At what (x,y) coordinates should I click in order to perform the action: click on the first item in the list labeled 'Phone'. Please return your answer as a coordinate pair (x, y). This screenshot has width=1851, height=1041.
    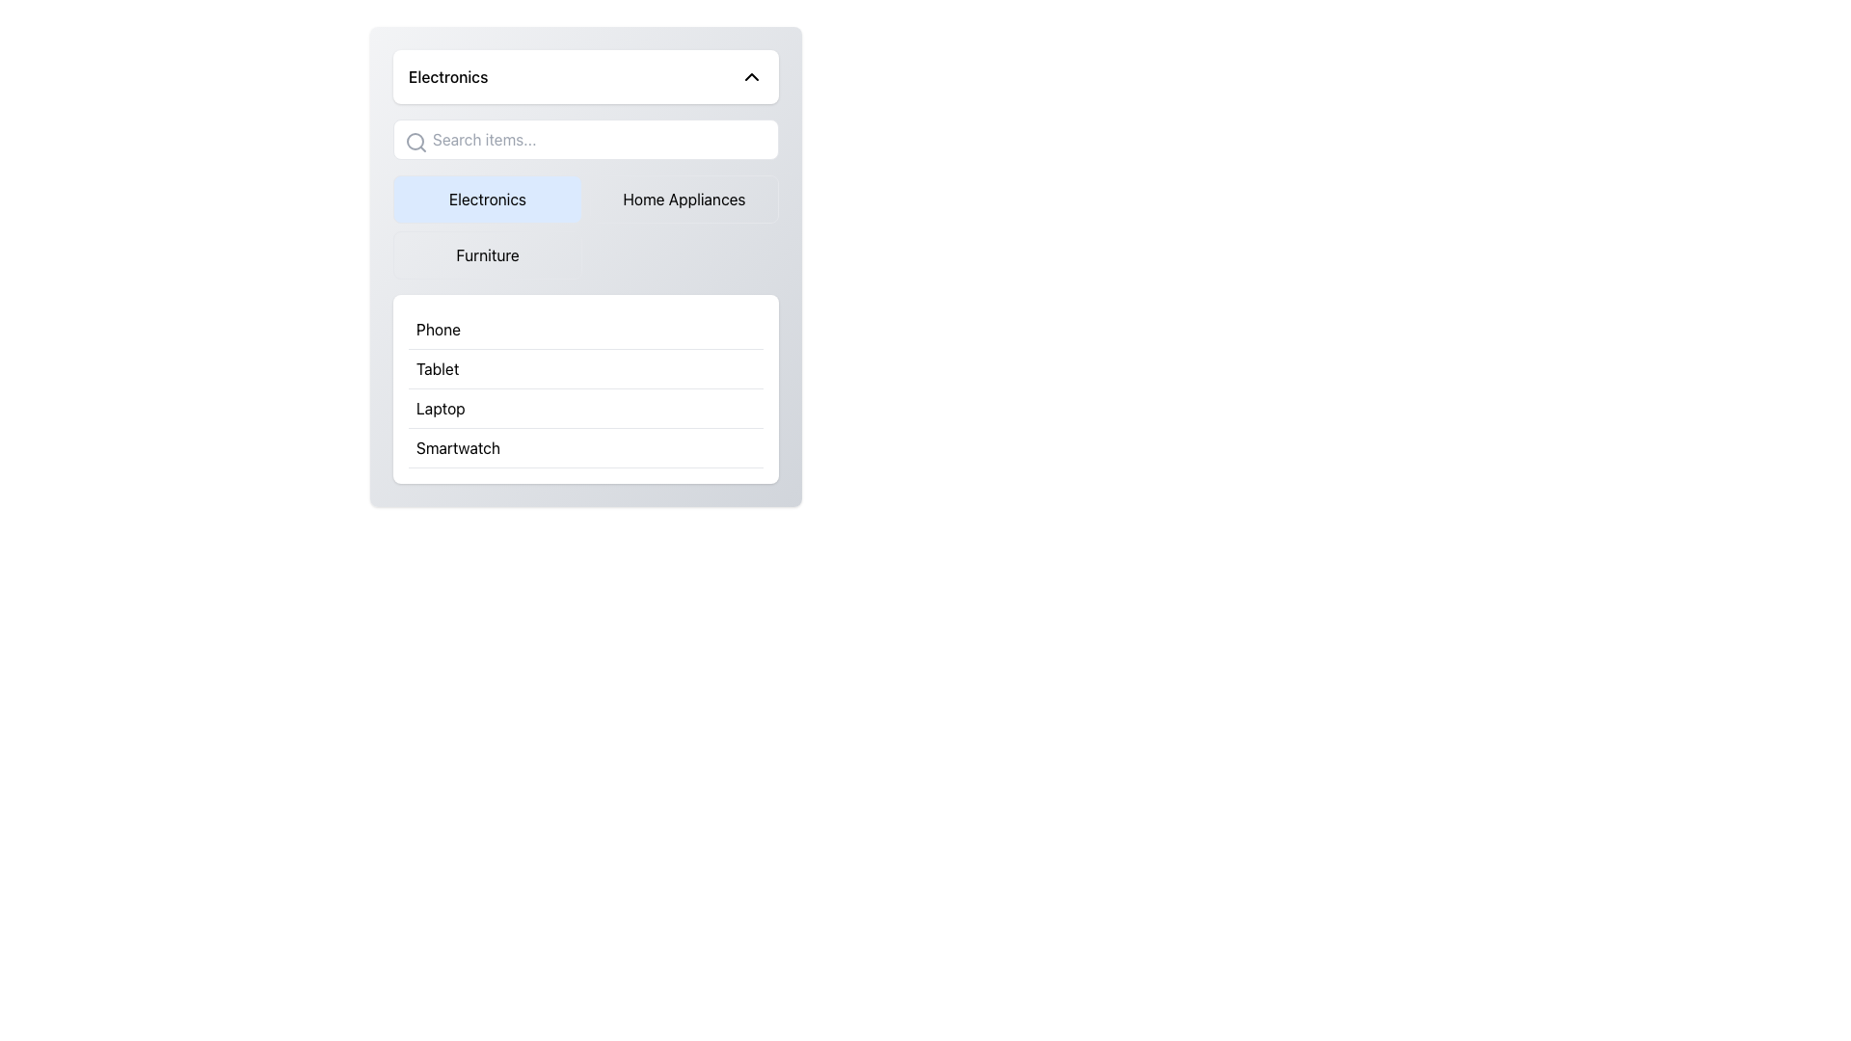
    Looking at the image, I should click on (585, 329).